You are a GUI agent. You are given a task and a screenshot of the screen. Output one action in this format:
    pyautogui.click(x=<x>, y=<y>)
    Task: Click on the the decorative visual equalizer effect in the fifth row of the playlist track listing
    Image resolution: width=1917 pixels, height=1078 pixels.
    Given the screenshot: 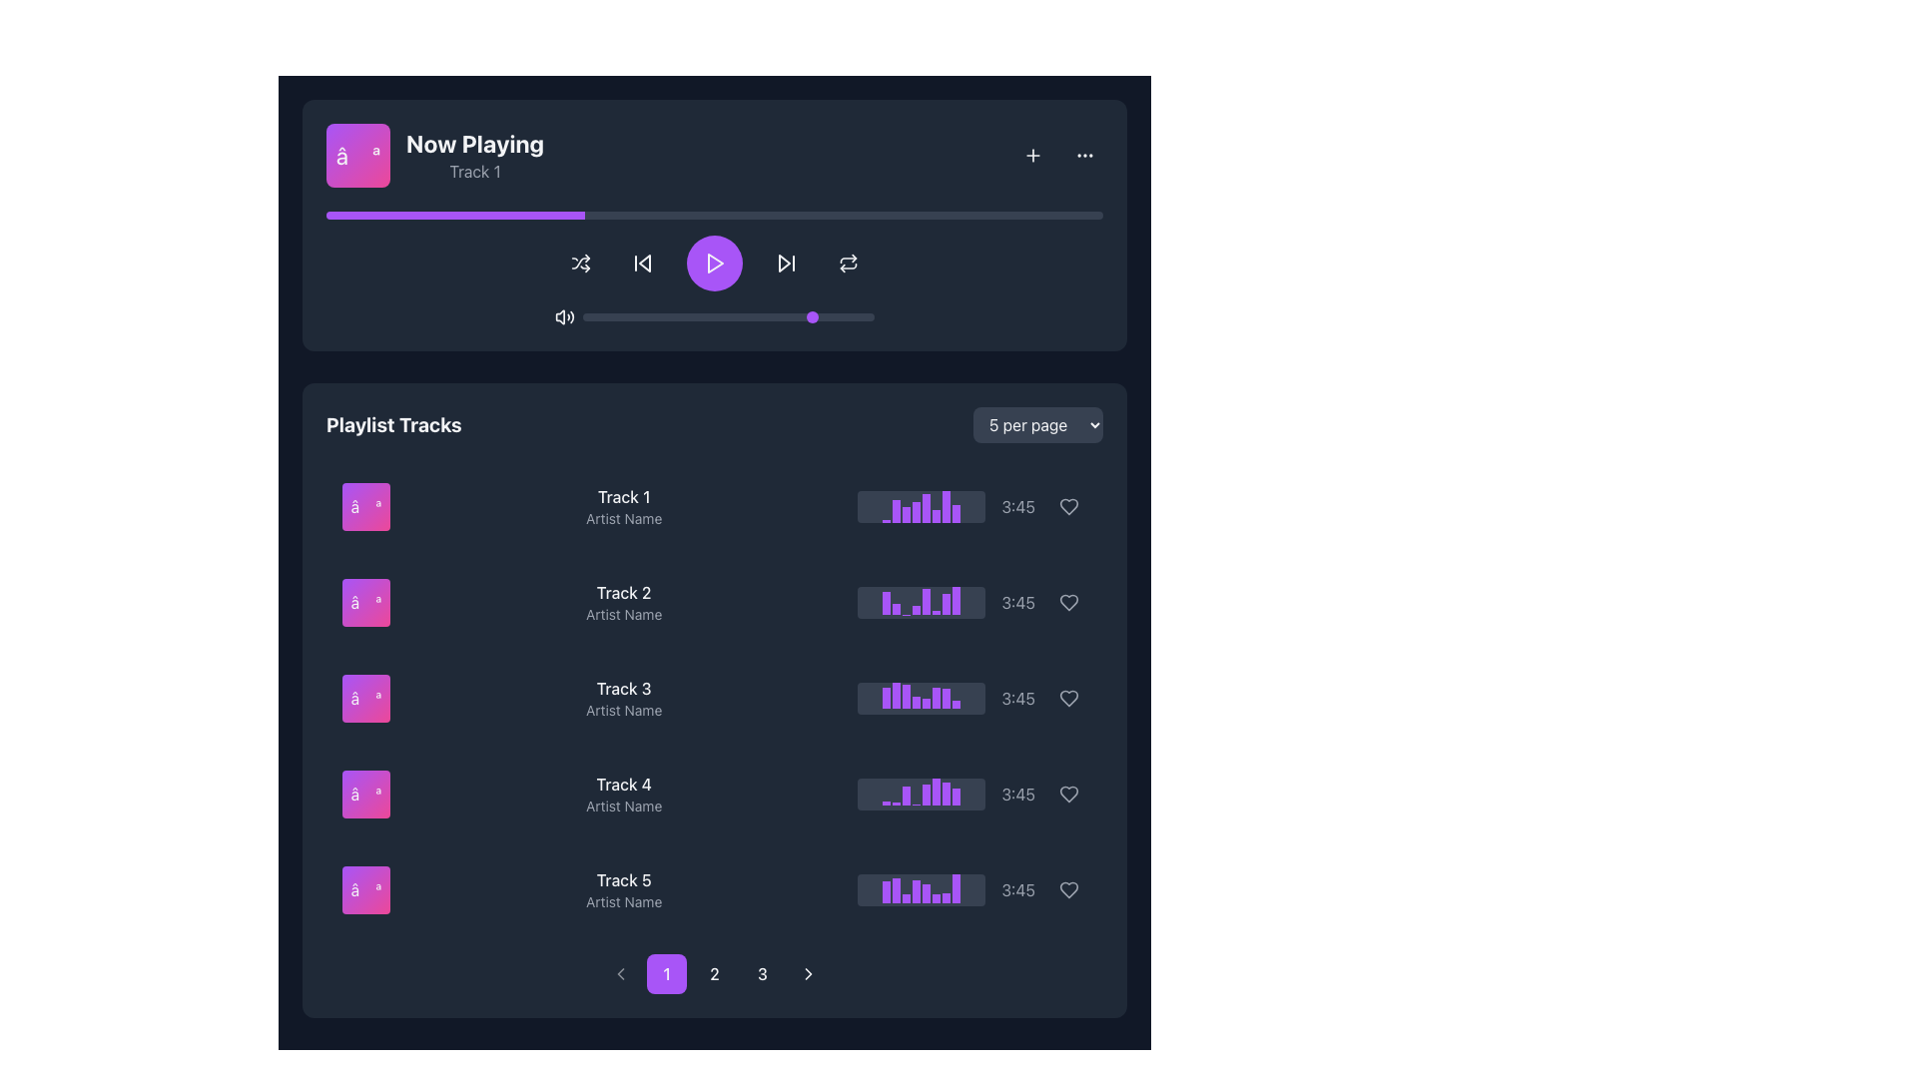 What is the action you would take?
    pyautogui.click(x=972, y=888)
    